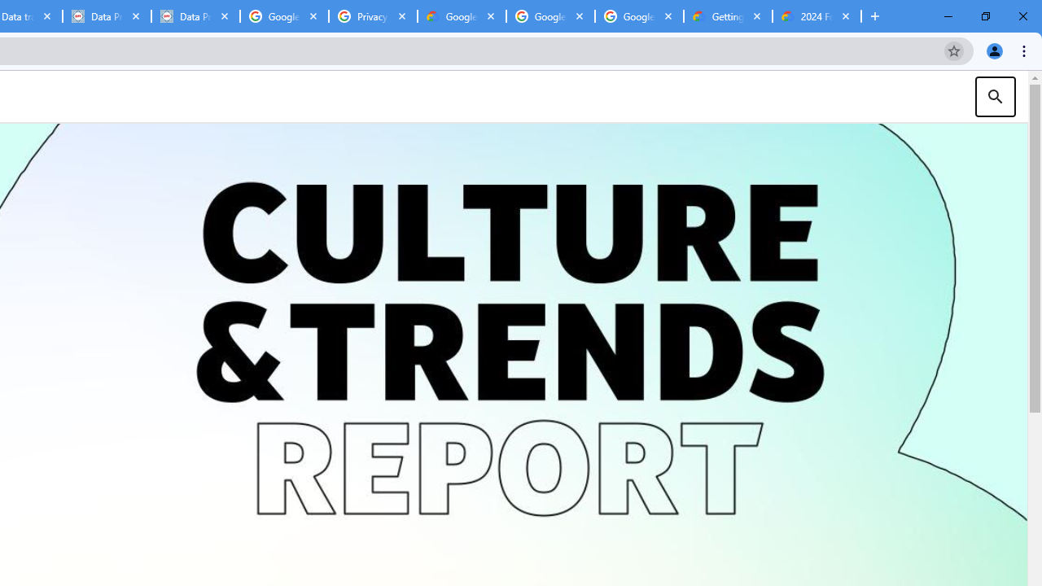  What do you see at coordinates (106, 16) in the screenshot?
I see `'Data Privacy Framework'` at bounding box center [106, 16].